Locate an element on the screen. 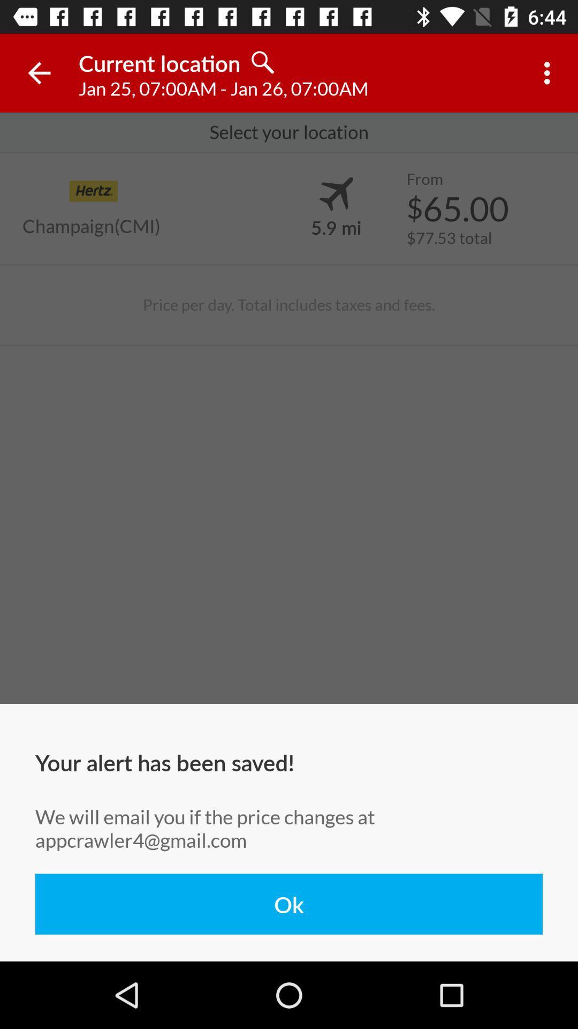  the icon above select your location item is located at coordinates (39, 72).